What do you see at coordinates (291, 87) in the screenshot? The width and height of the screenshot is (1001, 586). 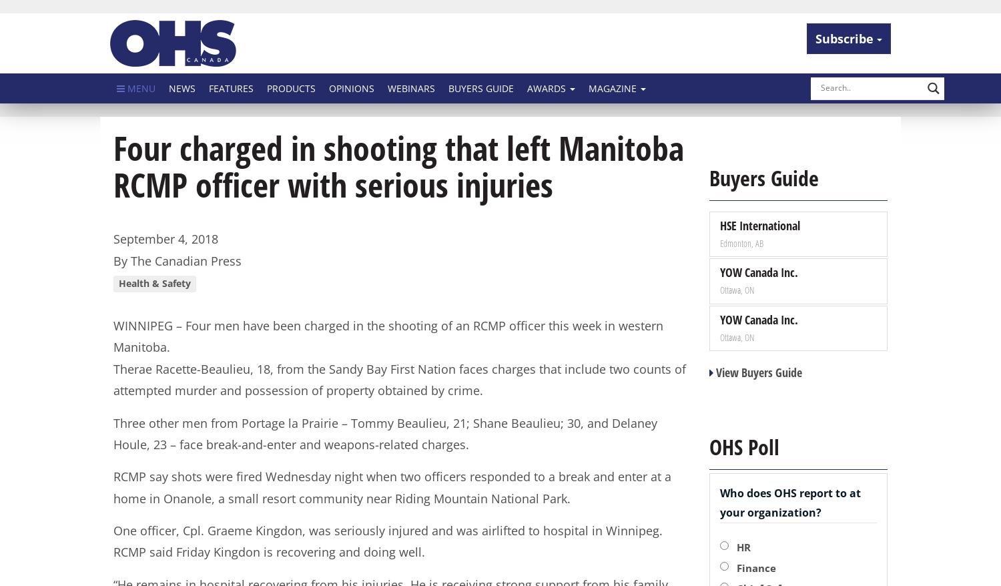 I see `'Products'` at bounding box center [291, 87].